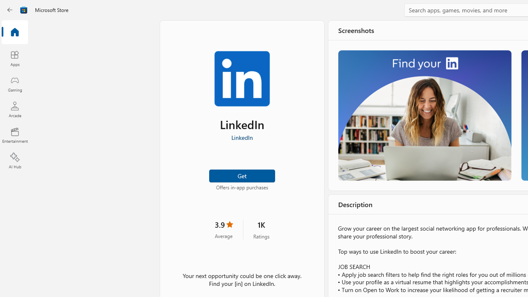 Image resolution: width=528 pixels, height=297 pixels. Describe the element at coordinates (14, 84) in the screenshot. I see `'Gaming'` at that location.